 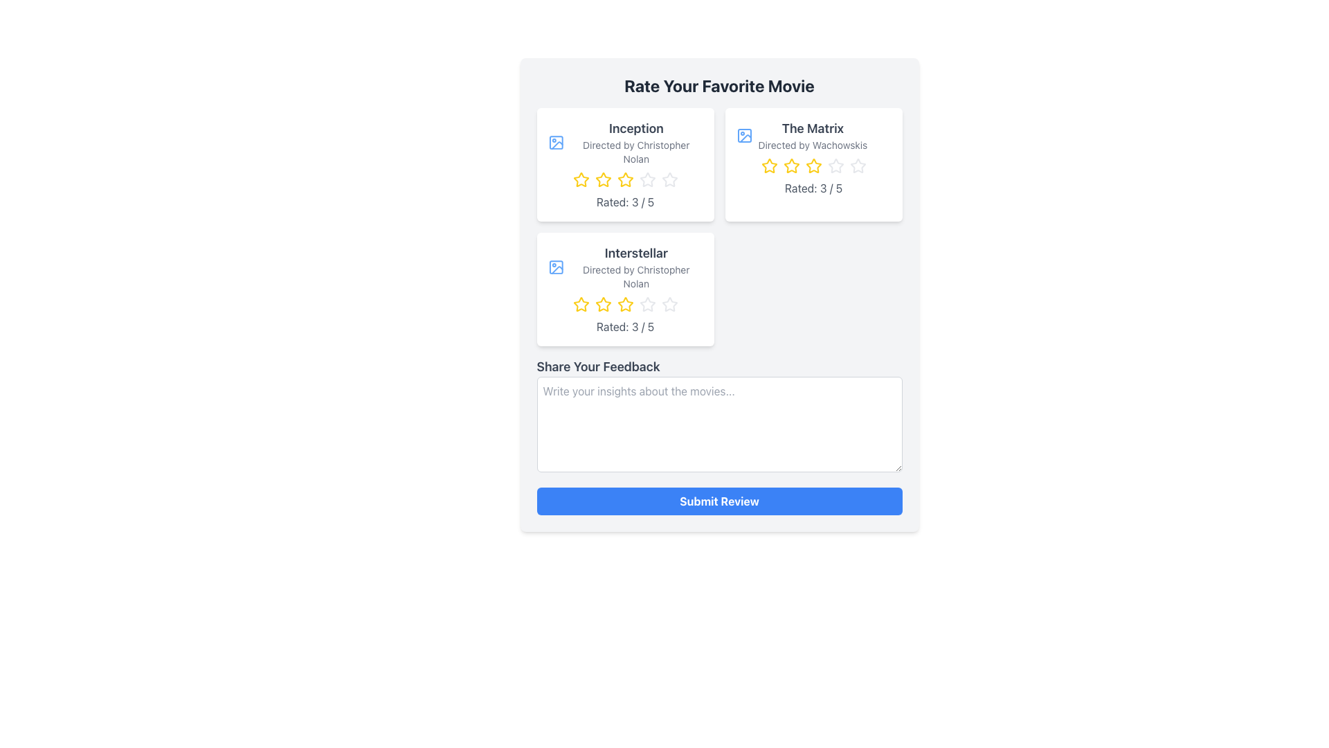 I want to click on the text label providing information about the director of the movie 'Inception', which is positioned directly under the title within the top-left movie card, so click(x=635, y=152).